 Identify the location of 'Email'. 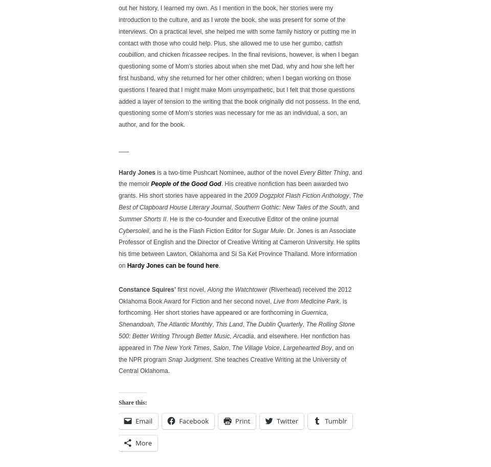
(143, 419).